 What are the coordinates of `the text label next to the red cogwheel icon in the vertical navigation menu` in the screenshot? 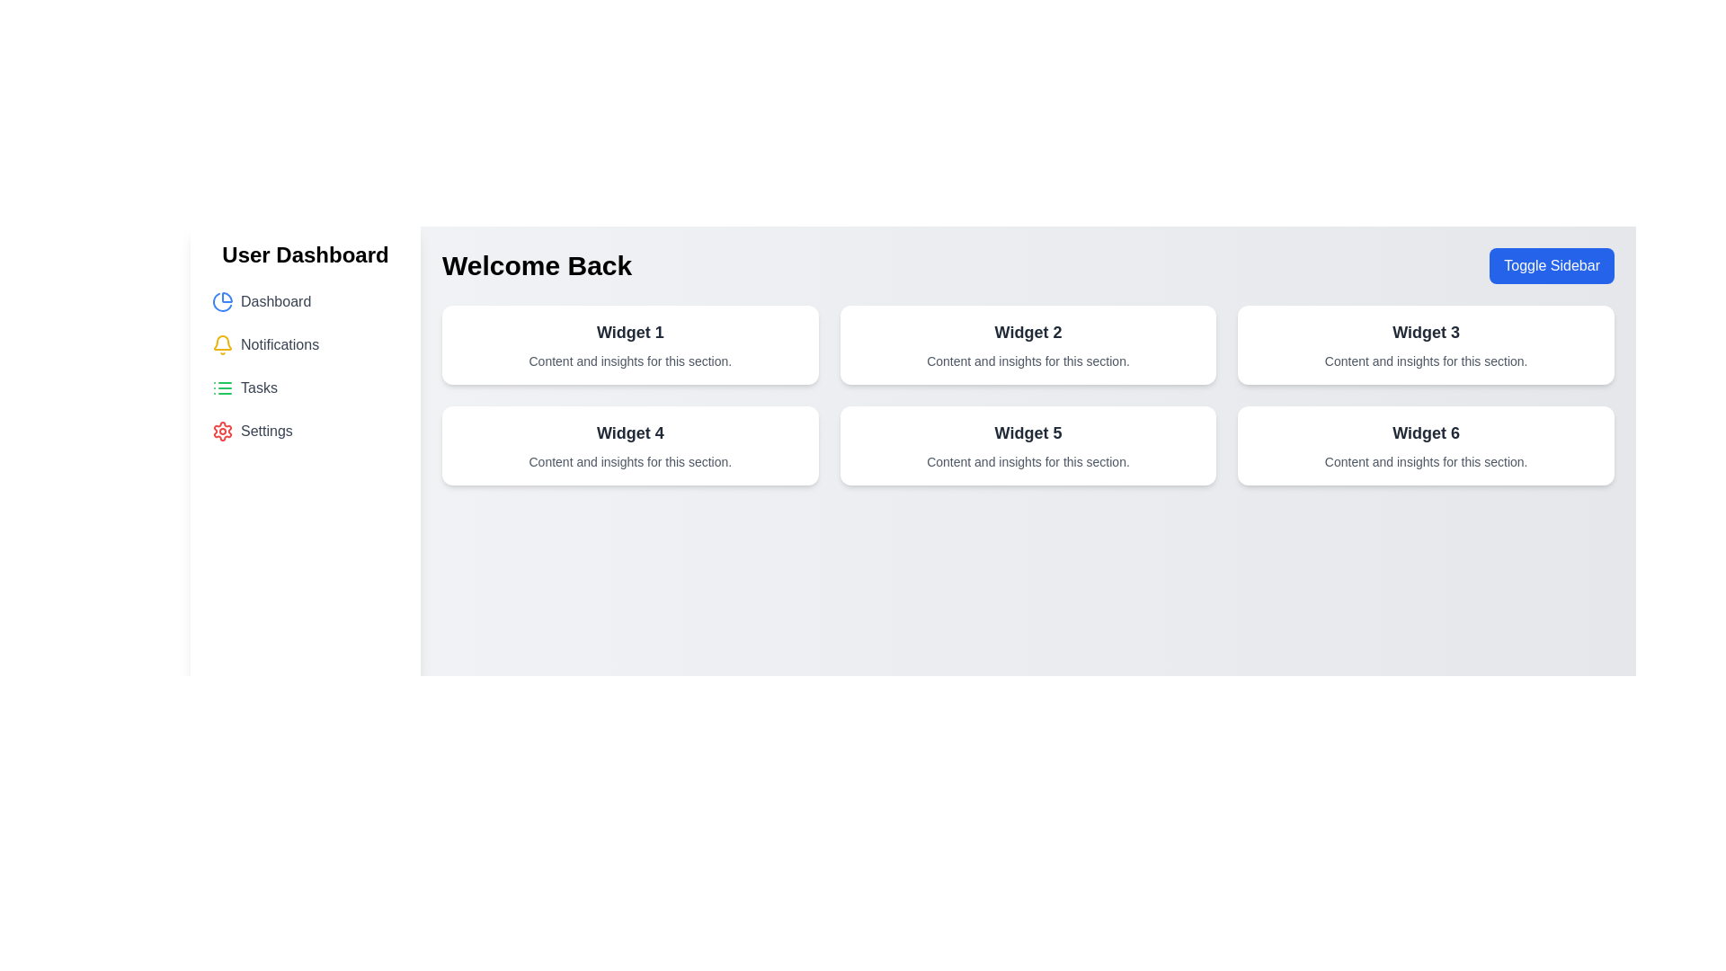 It's located at (265, 431).